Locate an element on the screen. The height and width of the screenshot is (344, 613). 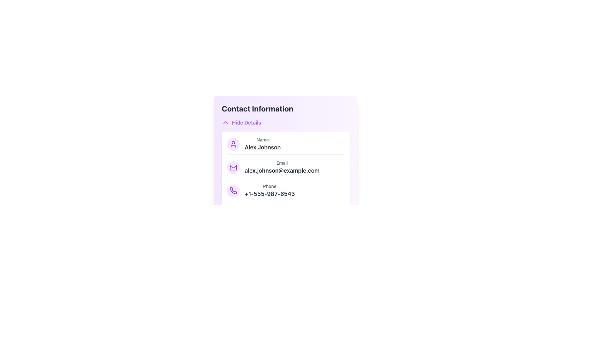
email address displayed in the Text Label within the 'Contact Information' section, specifically the second row labeled 'Email' is located at coordinates (282, 170).